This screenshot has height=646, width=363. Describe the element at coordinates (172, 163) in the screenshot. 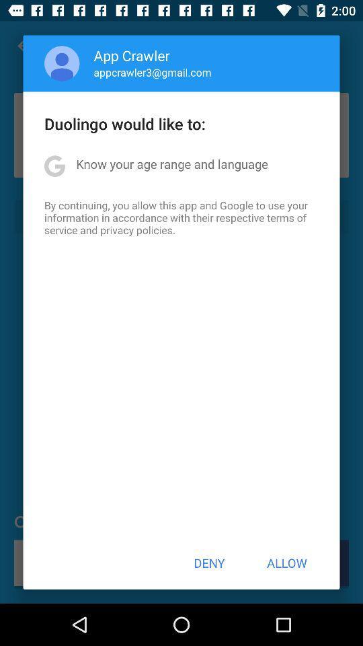

I see `the item above the by continuing you` at that location.